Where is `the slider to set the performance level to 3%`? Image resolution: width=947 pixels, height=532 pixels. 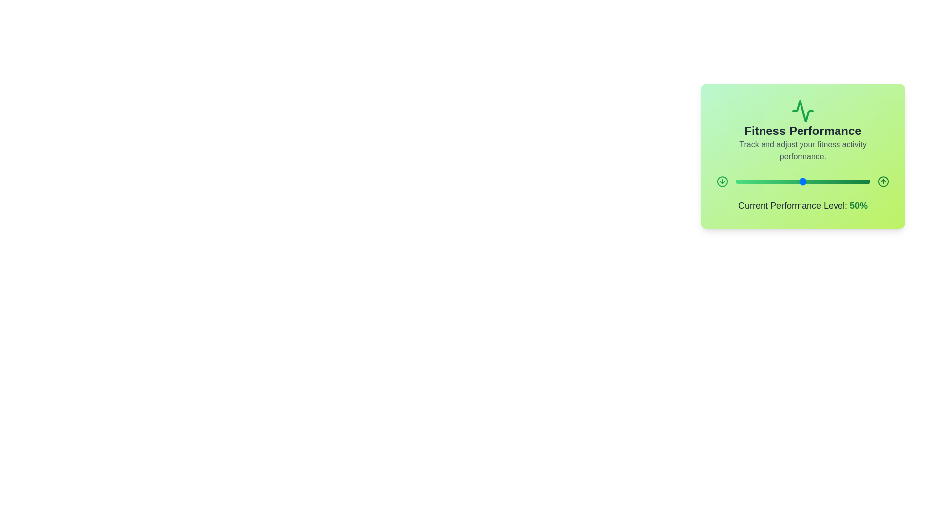 the slider to set the performance level to 3% is located at coordinates (740, 182).